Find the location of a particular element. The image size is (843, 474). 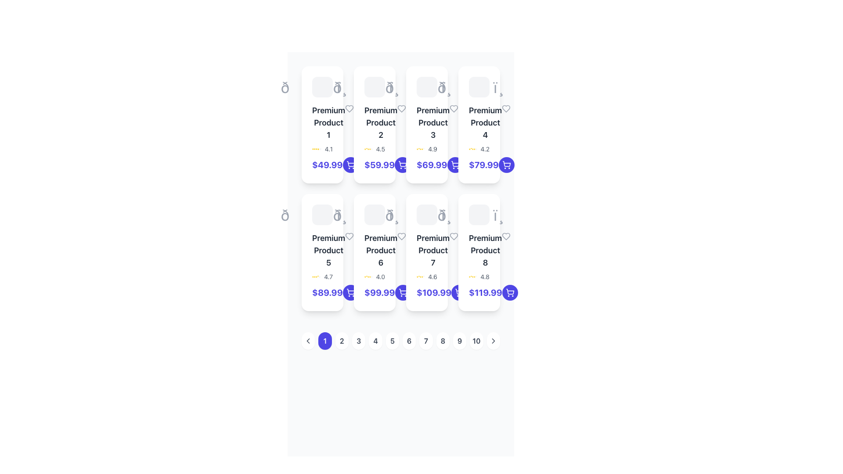

the price tag element displaying '$49.99' in bold indigo text, located in the lower central part of the Premium Product 1 card, directly above the blue circular button is located at coordinates (322, 165).